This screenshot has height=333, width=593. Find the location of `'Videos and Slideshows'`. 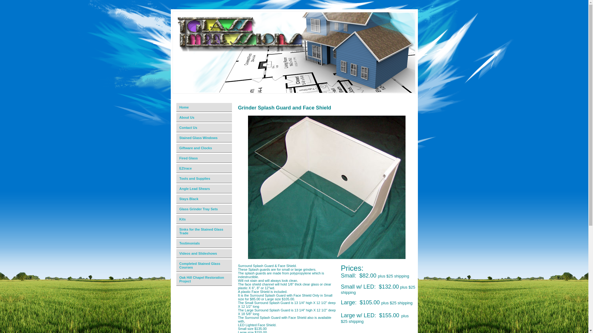

'Videos and Slideshows' is located at coordinates (173, 253).